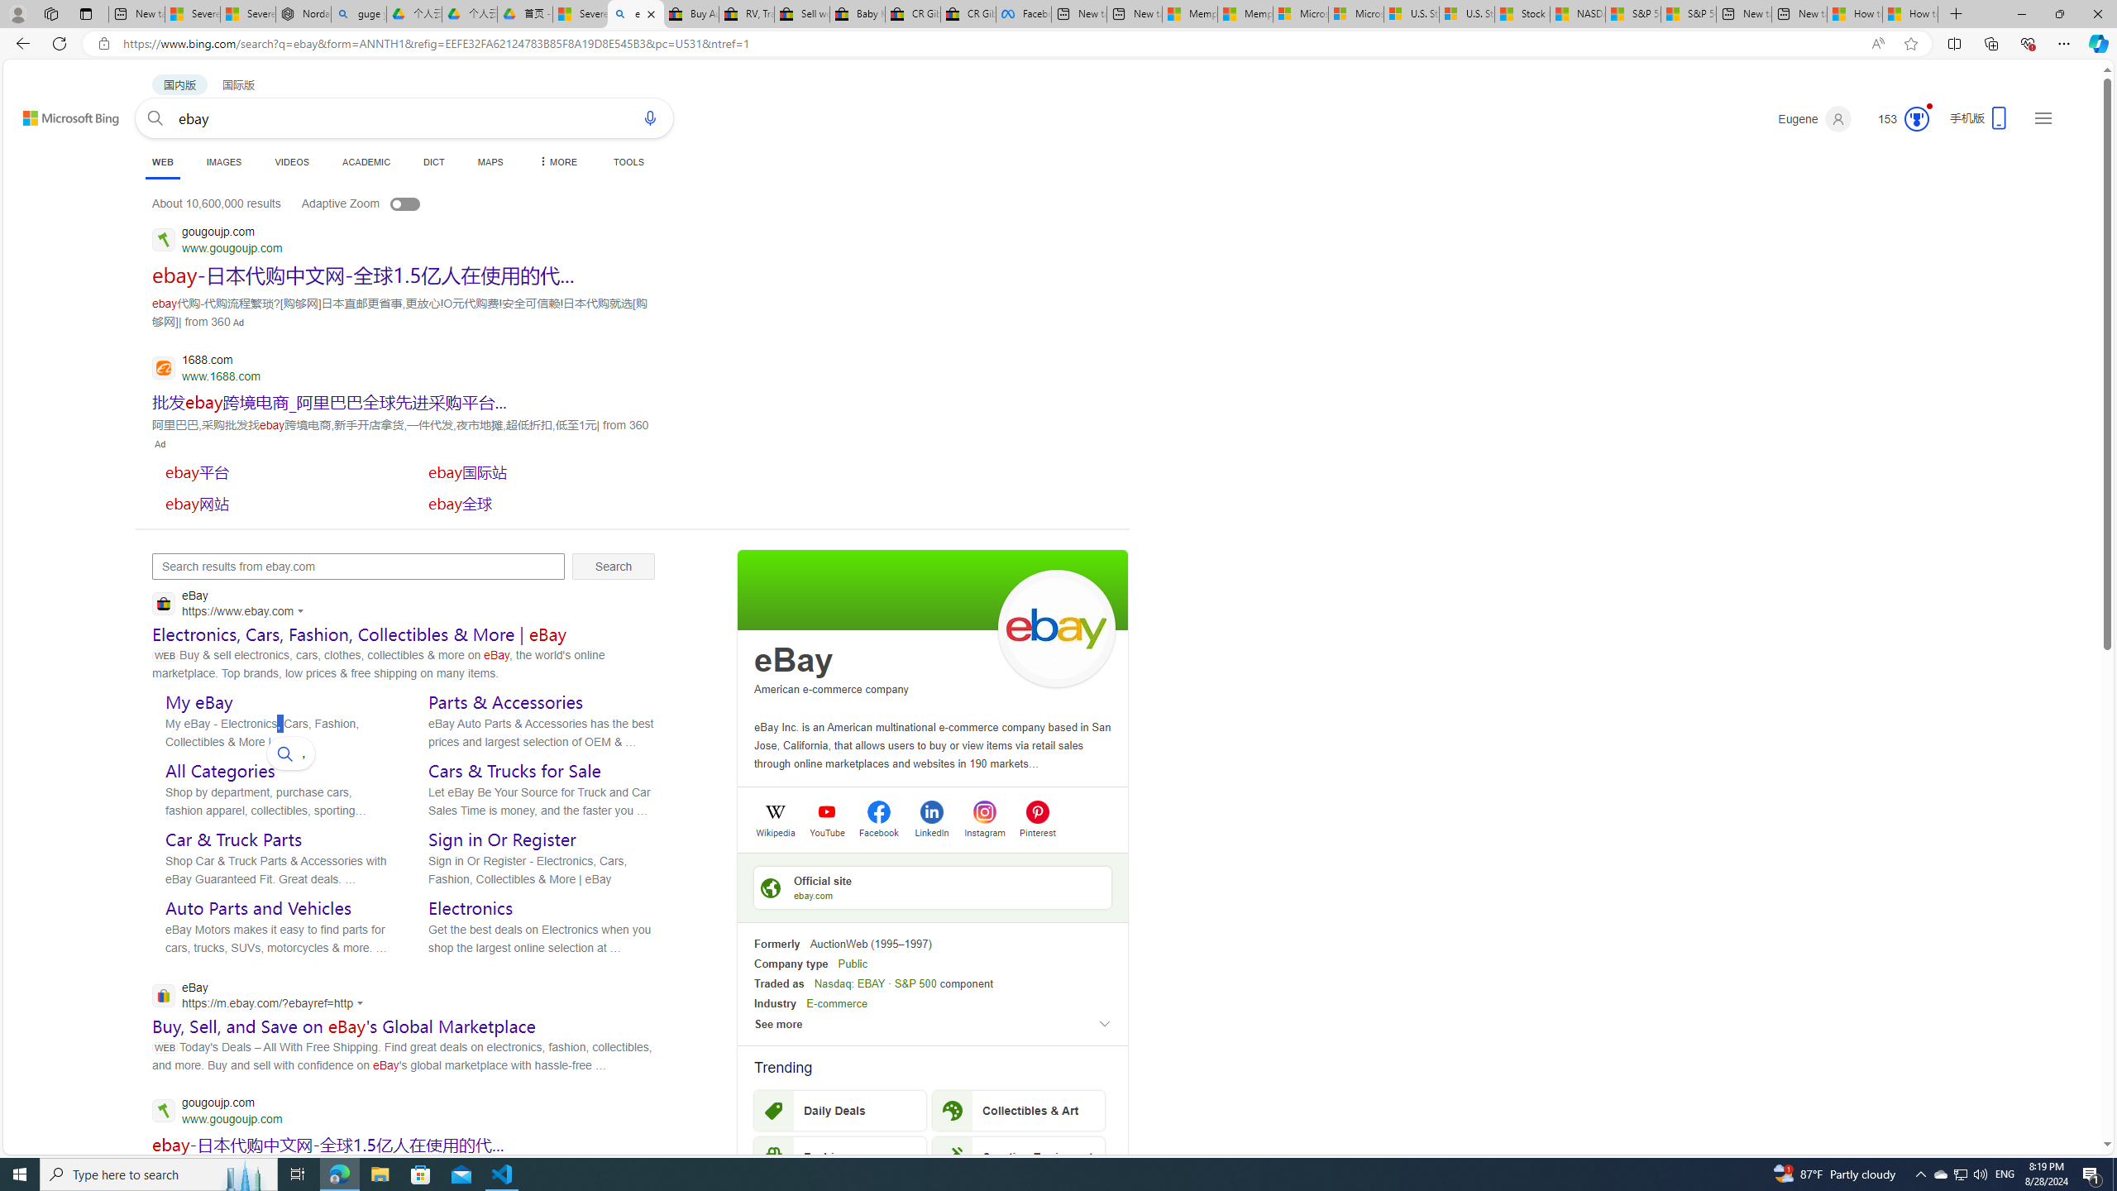 This screenshot has width=2117, height=1191. What do you see at coordinates (489, 161) in the screenshot?
I see `'MAPS'` at bounding box center [489, 161].